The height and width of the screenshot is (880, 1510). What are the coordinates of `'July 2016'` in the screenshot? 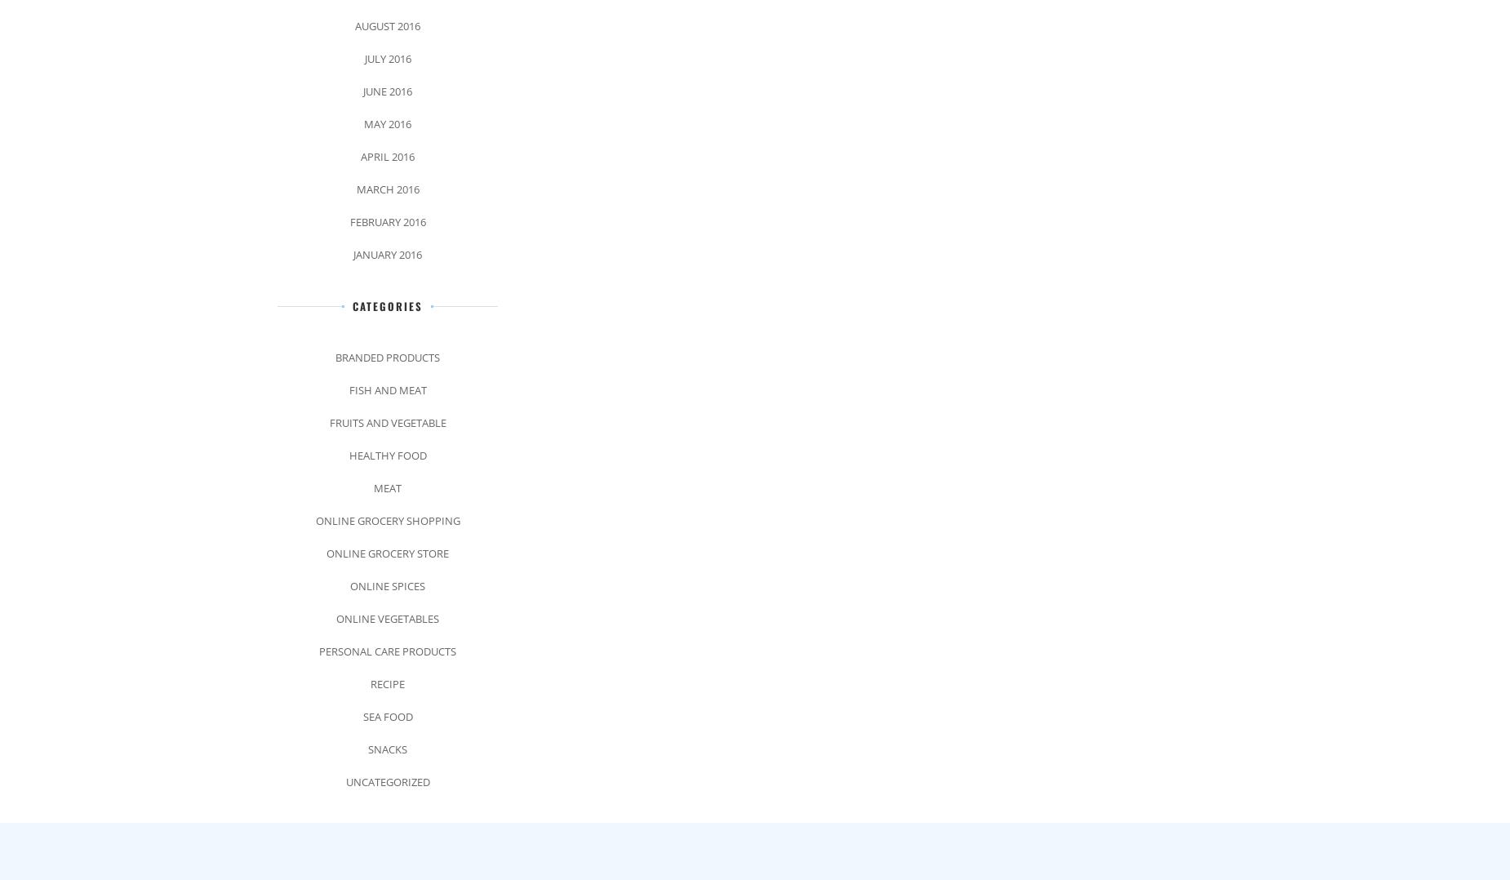 It's located at (387, 58).